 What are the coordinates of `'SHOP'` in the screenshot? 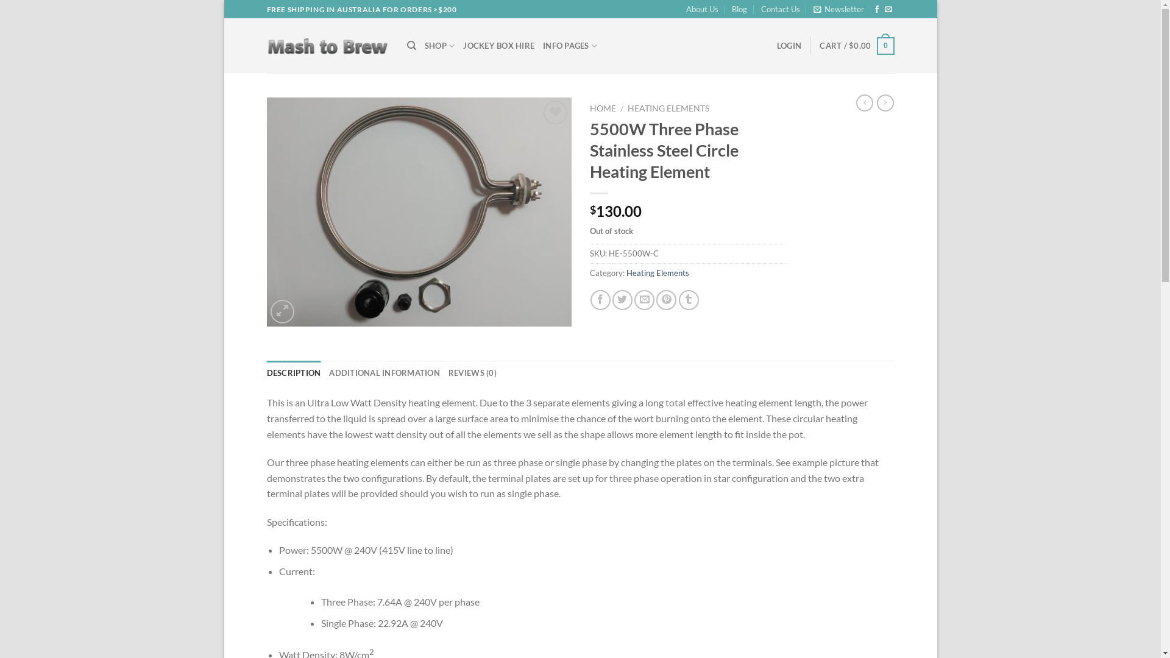 It's located at (439, 44).